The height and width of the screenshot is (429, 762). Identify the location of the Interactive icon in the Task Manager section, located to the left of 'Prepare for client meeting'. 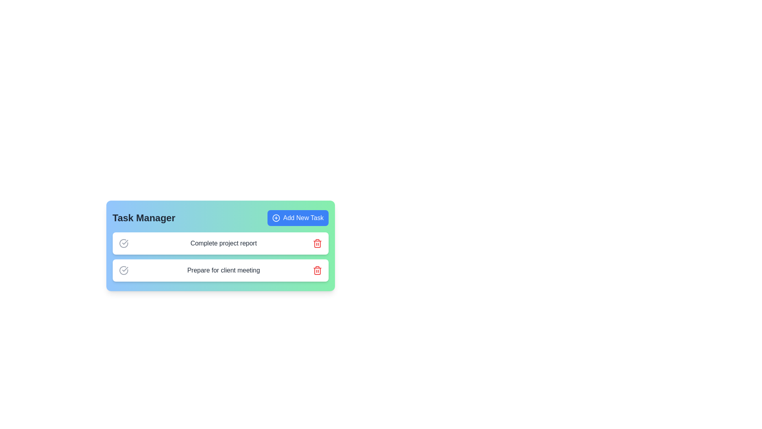
(123, 270).